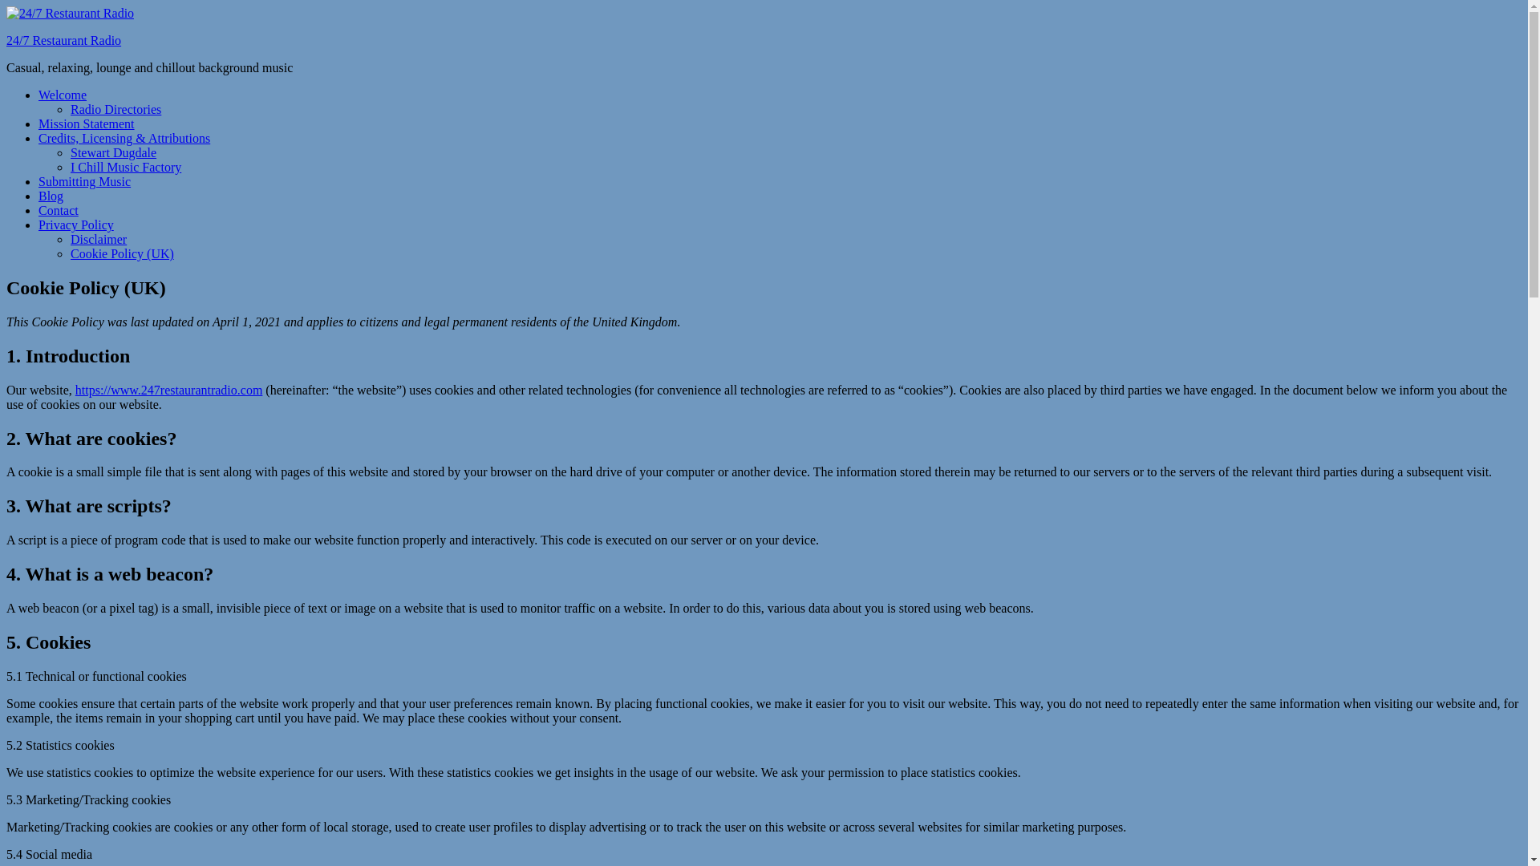 The height and width of the screenshot is (866, 1540). Describe the element at coordinates (121, 253) in the screenshot. I see `'Cookie Policy (UK)'` at that location.